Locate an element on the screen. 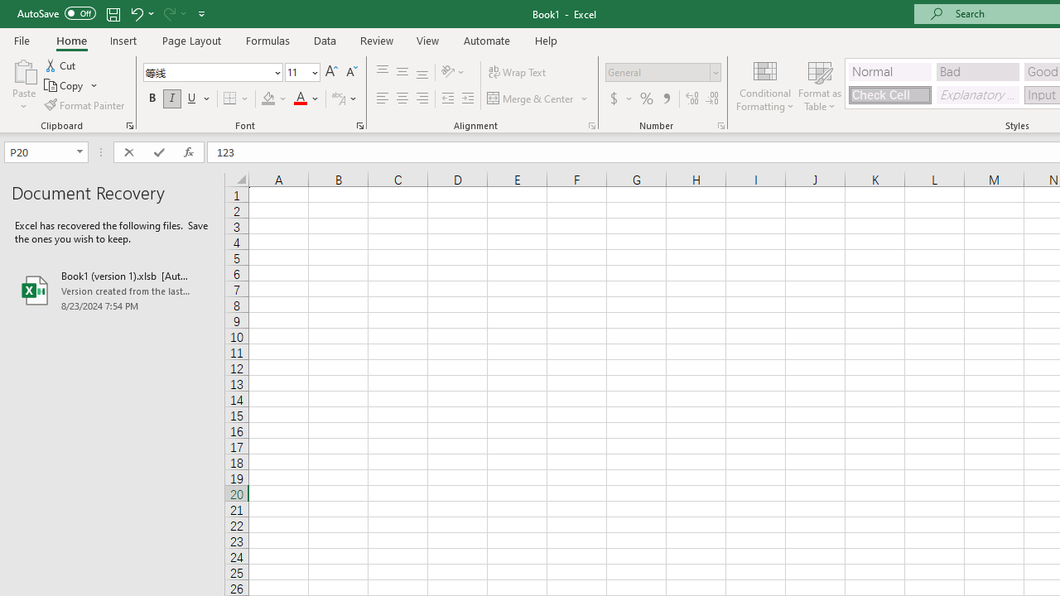  'Underline' is located at coordinates (192, 99).